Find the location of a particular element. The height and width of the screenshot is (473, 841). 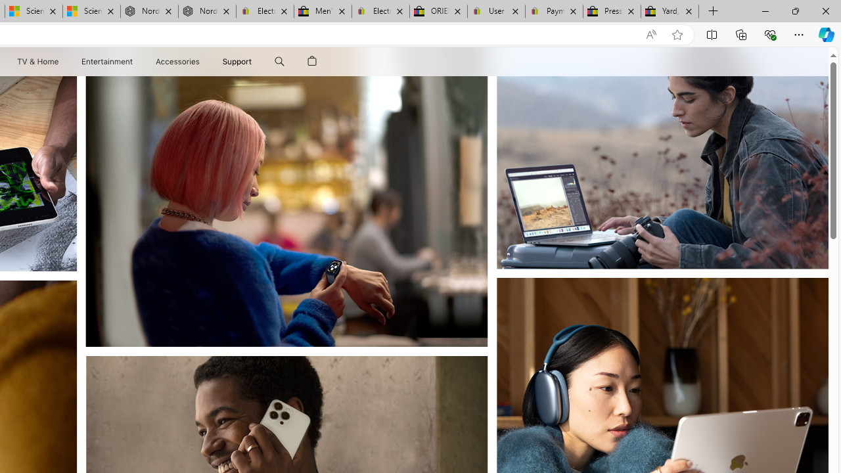

'Entertainment' is located at coordinates (107, 61).